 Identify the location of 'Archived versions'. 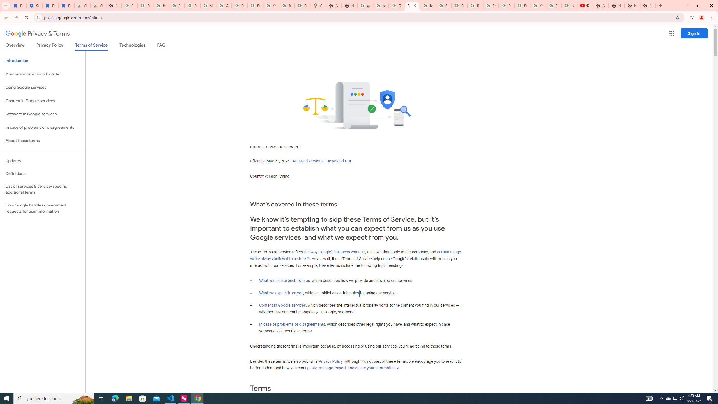
(308, 160).